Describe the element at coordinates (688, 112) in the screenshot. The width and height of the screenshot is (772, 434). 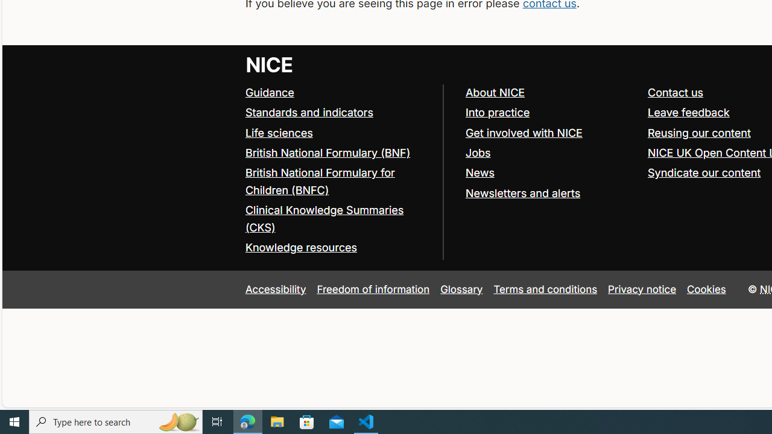
I see `'Leave feedback'` at that location.